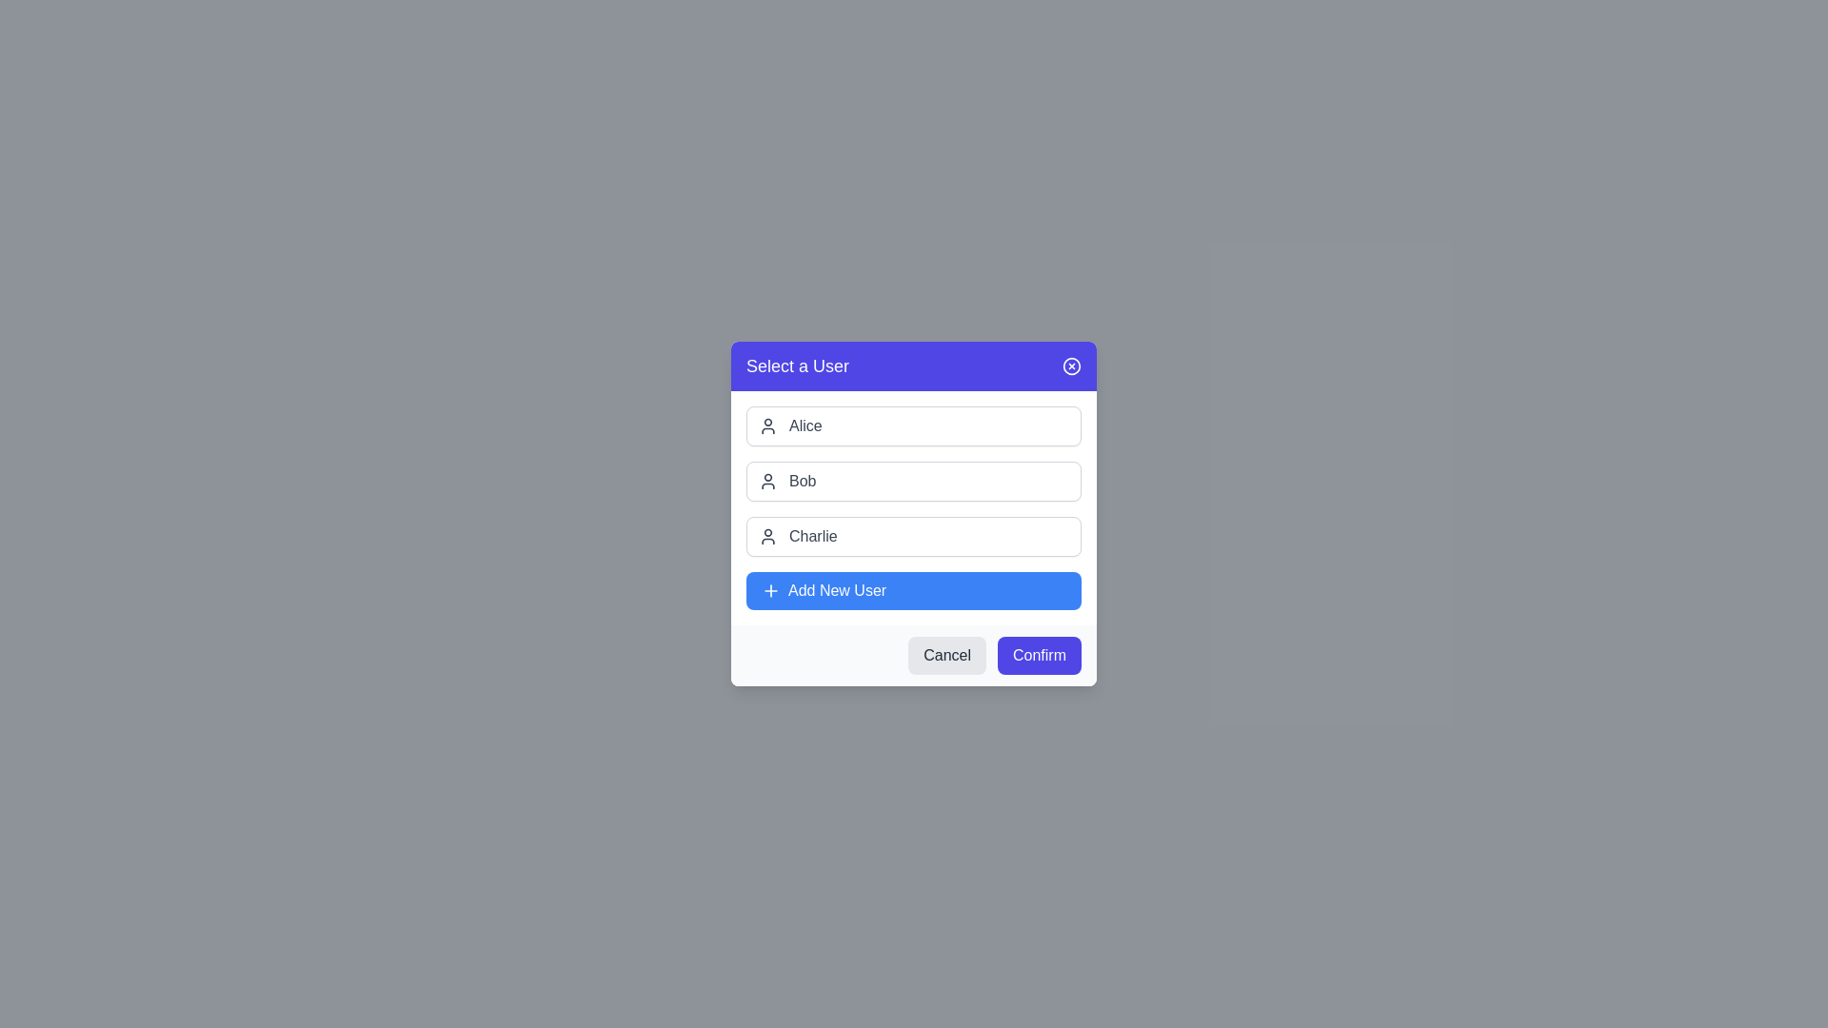 Image resolution: width=1828 pixels, height=1028 pixels. What do you see at coordinates (767, 536) in the screenshot?
I see `the user avatar icon located to the left of the name 'Charlie' in the selection card` at bounding box center [767, 536].